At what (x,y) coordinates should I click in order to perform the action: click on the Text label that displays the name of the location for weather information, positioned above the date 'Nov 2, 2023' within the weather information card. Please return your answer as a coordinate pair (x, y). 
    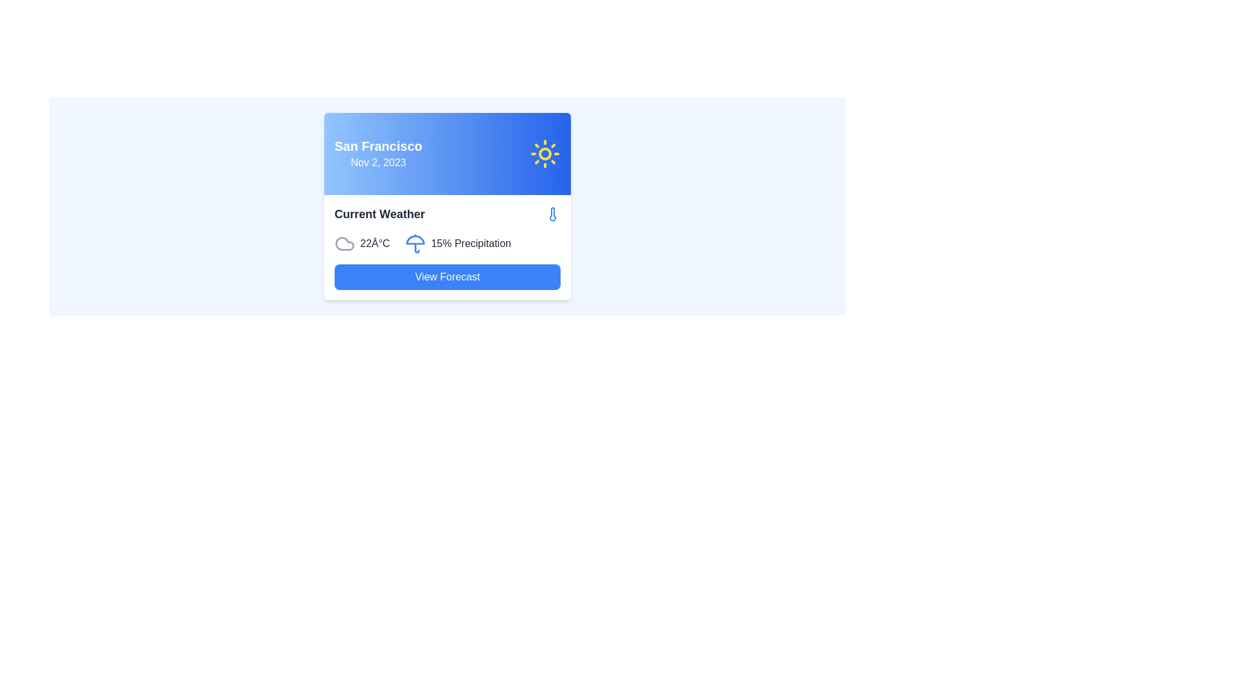
    Looking at the image, I should click on (378, 145).